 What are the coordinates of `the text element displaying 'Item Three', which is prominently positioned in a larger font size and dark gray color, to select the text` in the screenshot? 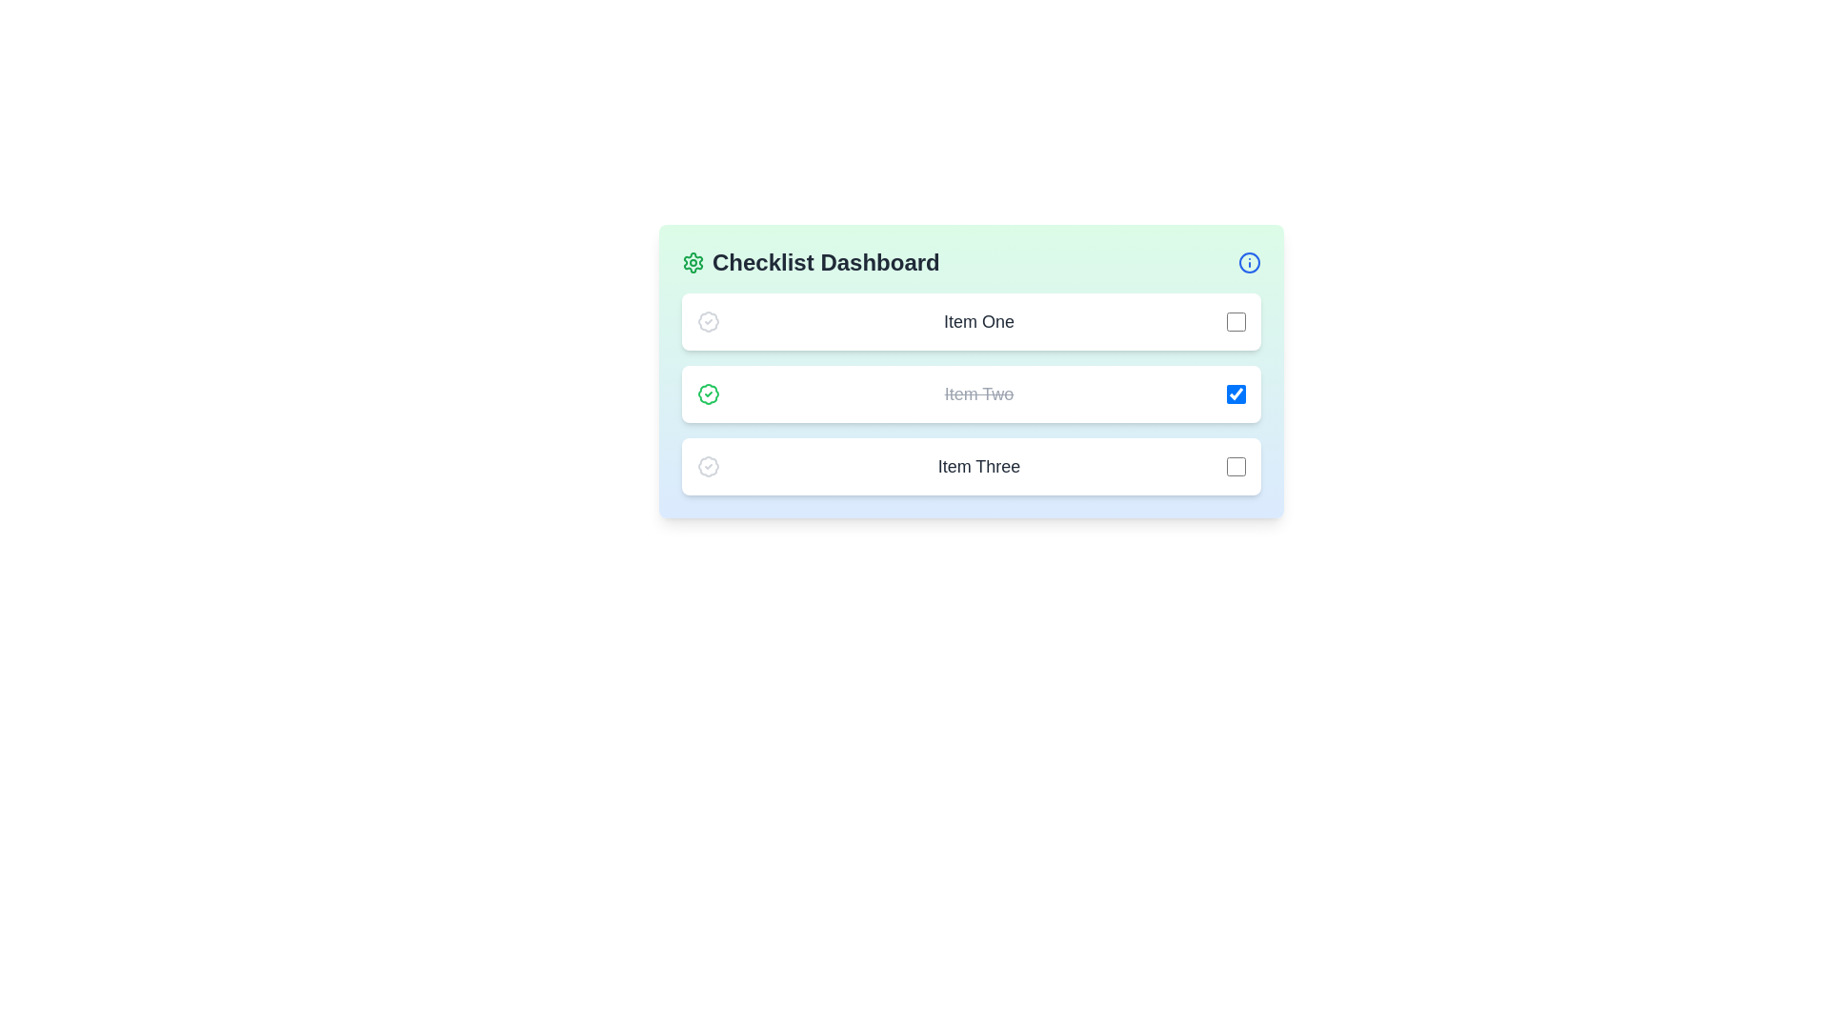 It's located at (978, 466).